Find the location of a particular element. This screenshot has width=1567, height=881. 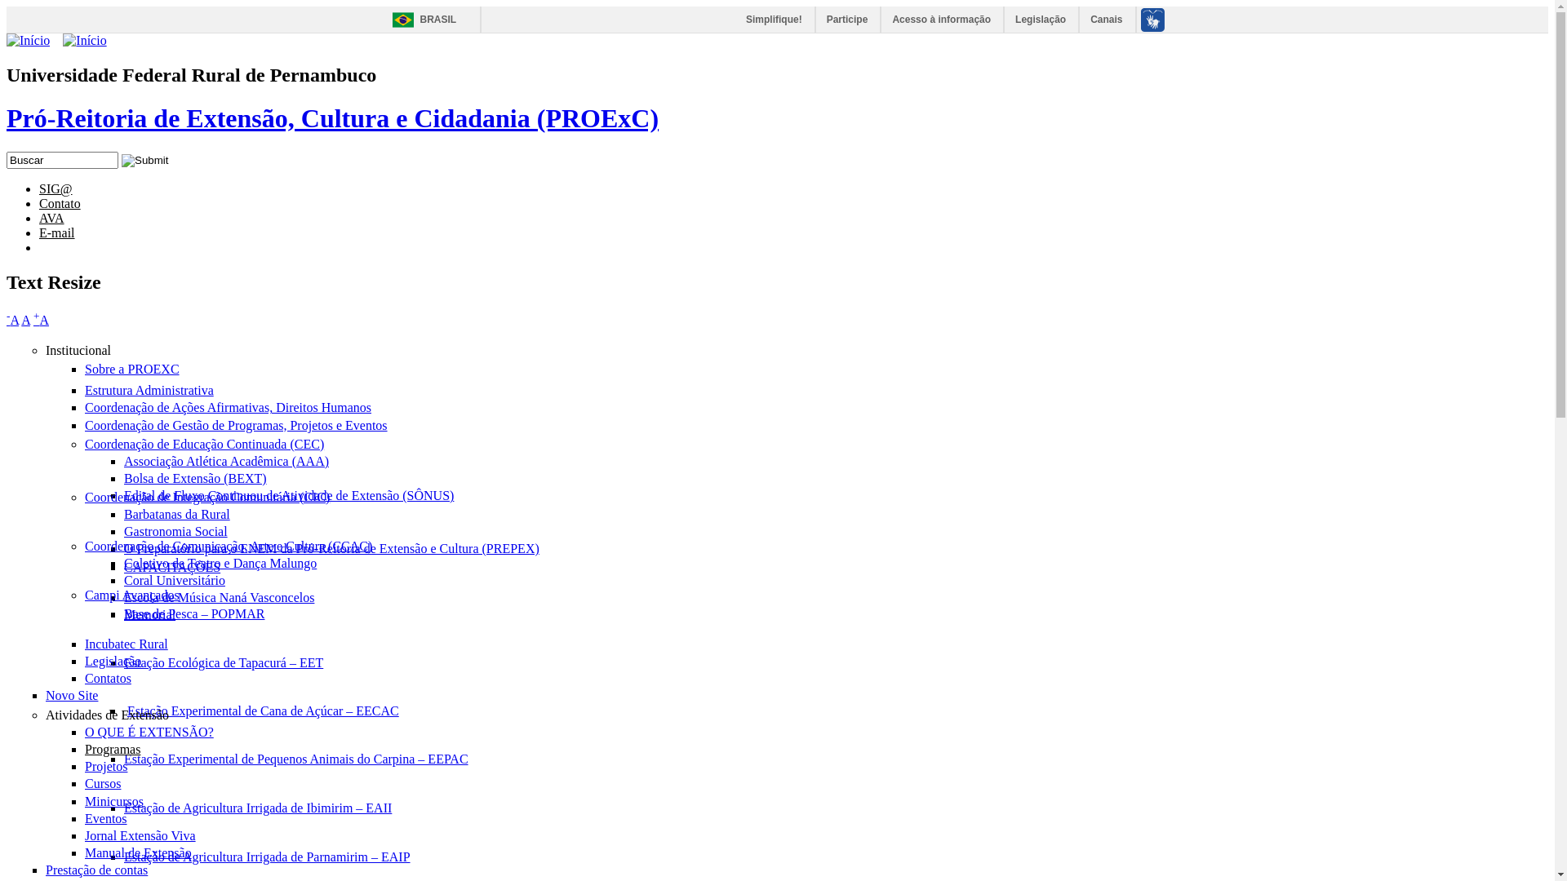

'Gastronomia Social' is located at coordinates (175, 531).